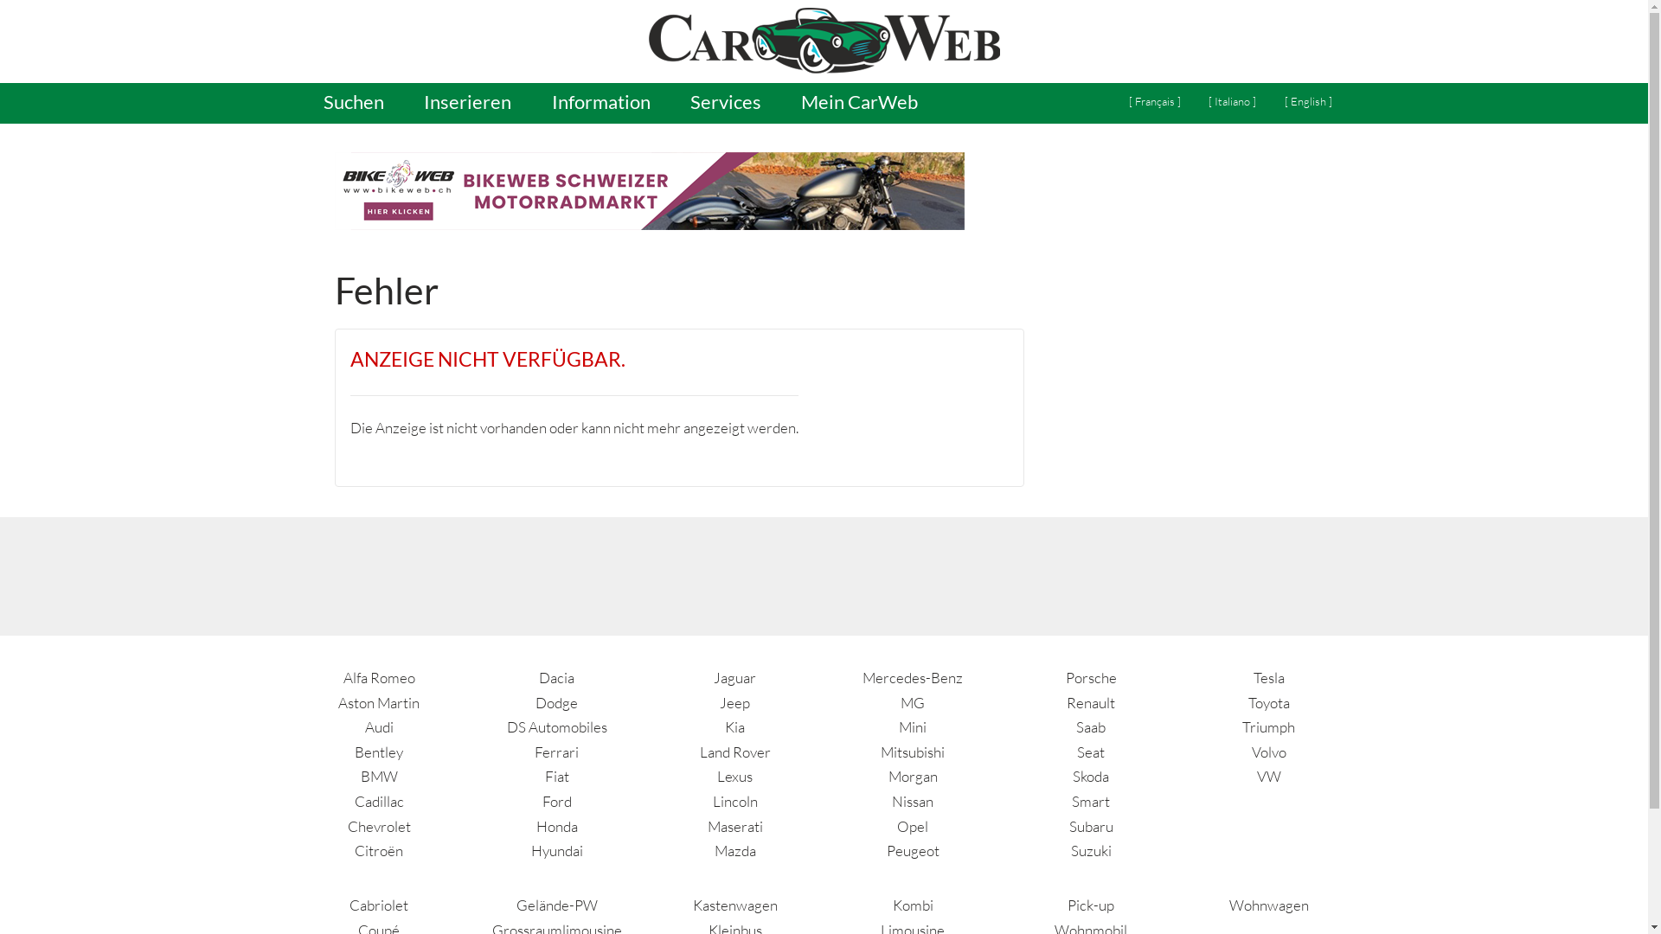 This screenshot has width=1661, height=934. Describe the element at coordinates (556, 825) in the screenshot. I see `'Honda'` at that location.